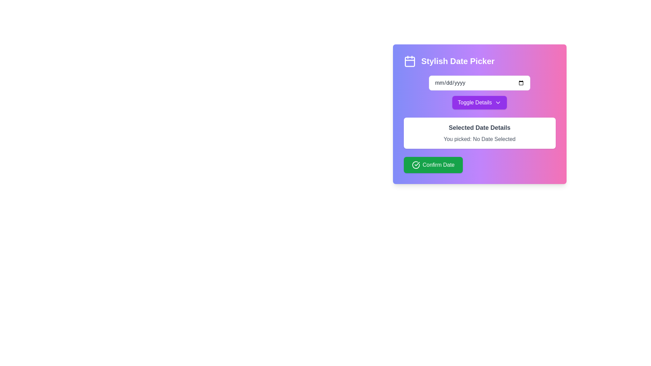 The height and width of the screenshot is (366, 651). I want to click on the checkmark icon within the green 'Confirm Date' button, which is located on the left-hand side of the label text, so click(416, 164).